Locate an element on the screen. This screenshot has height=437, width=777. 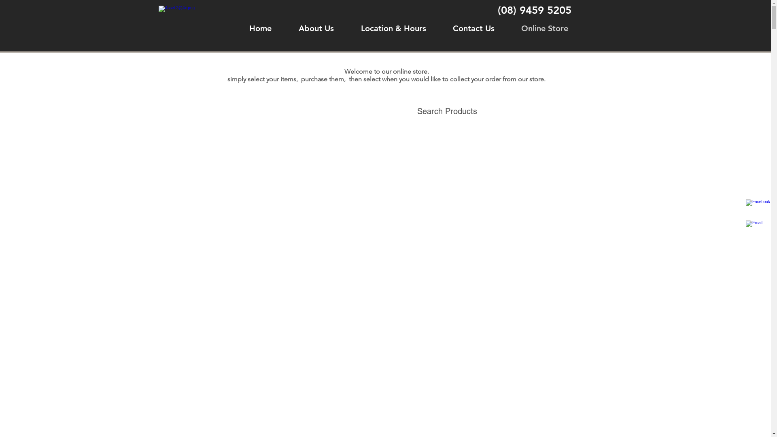
'Home' is located at coordinates (260, 28).